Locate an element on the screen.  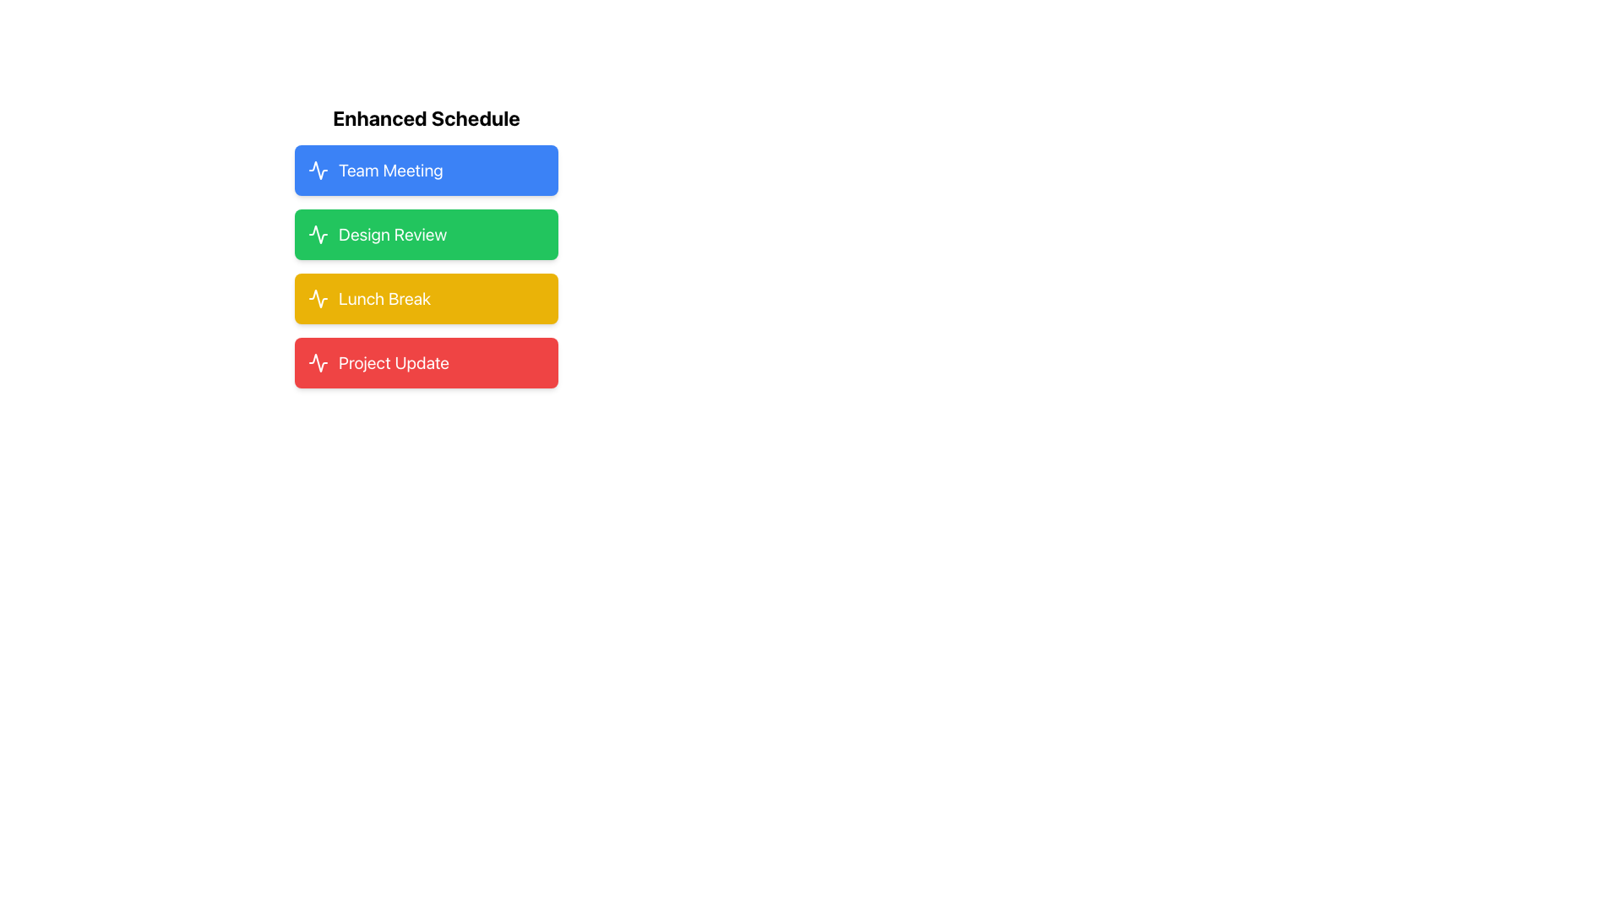
the activity or alert icon within the green 'Design Review' button, which is the second button in the vertical list under 'Enhanced Schedule.' is located at coordinates (318, 234).